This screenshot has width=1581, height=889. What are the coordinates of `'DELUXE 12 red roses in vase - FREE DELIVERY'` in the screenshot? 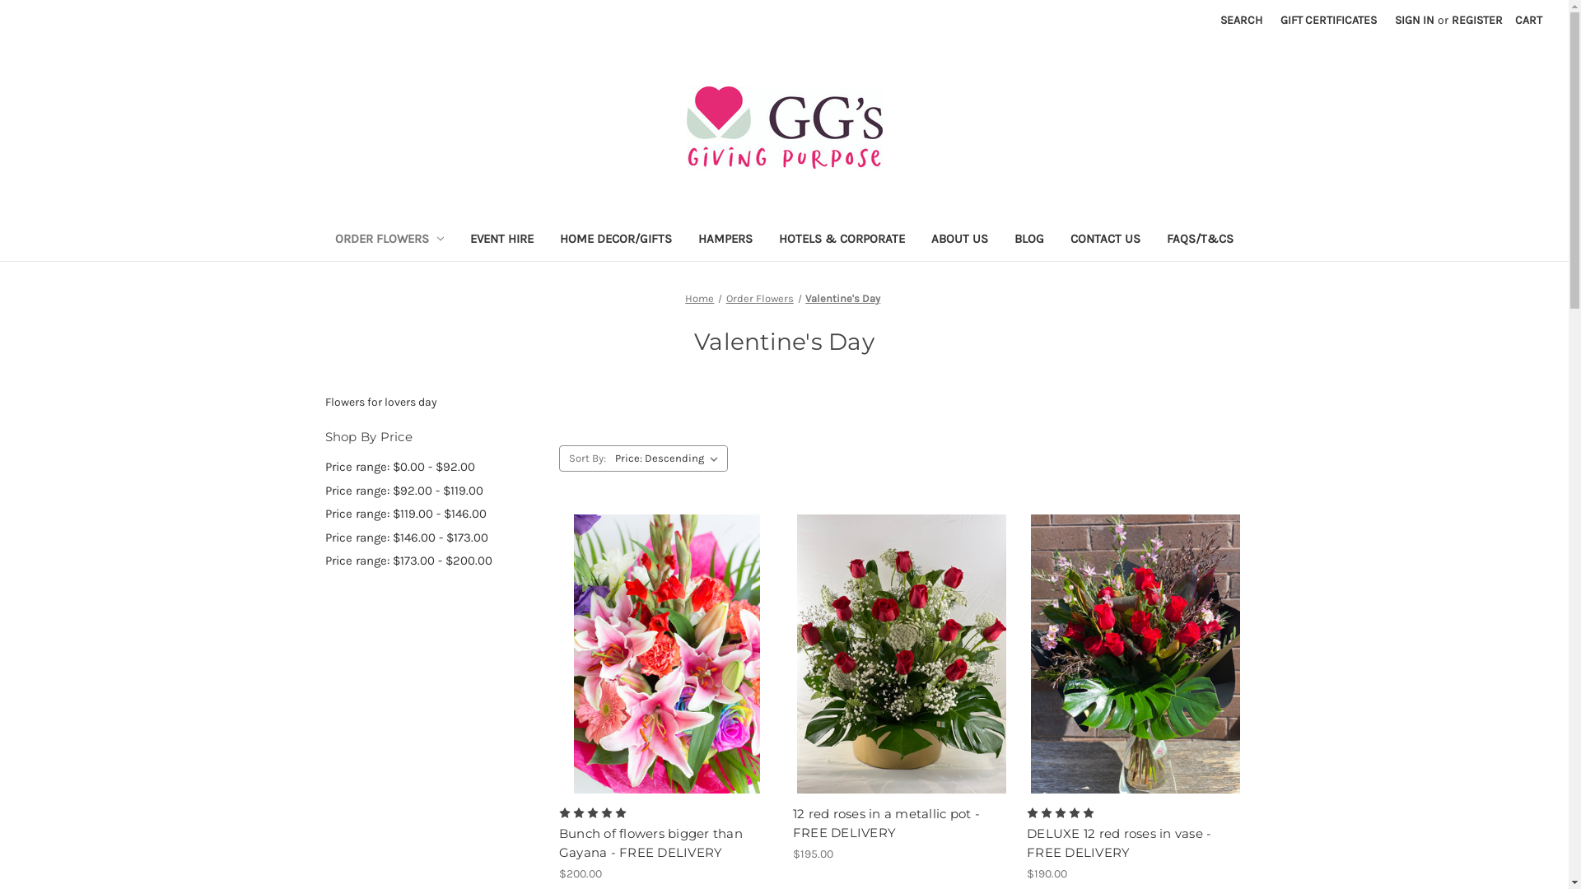 It's located at (1134, 843).